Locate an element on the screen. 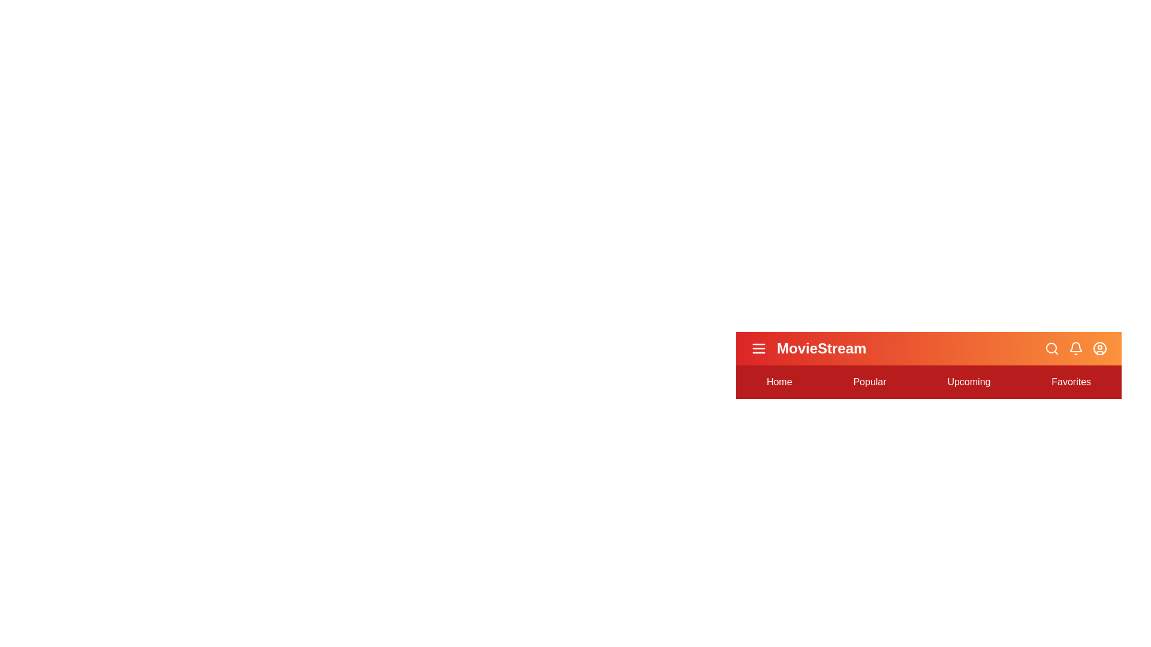  the navigation option Favorites to highlight it is located at coordinates (1071, 382).